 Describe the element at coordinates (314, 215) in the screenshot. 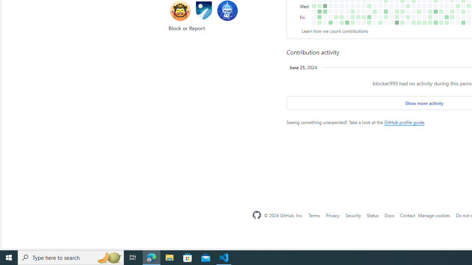

I see `'Terms'` at that location.